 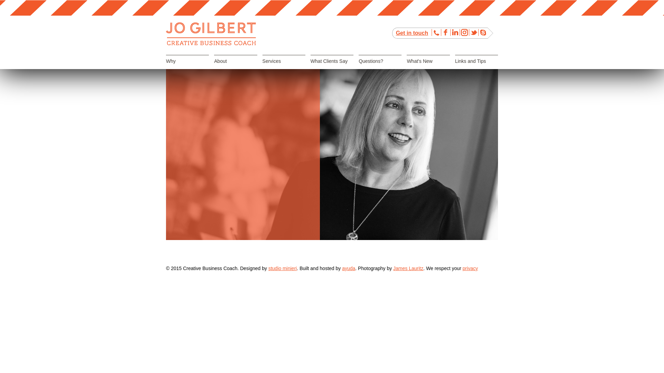 I want to click on 'Links and Tips', so click(x=476, y=67).